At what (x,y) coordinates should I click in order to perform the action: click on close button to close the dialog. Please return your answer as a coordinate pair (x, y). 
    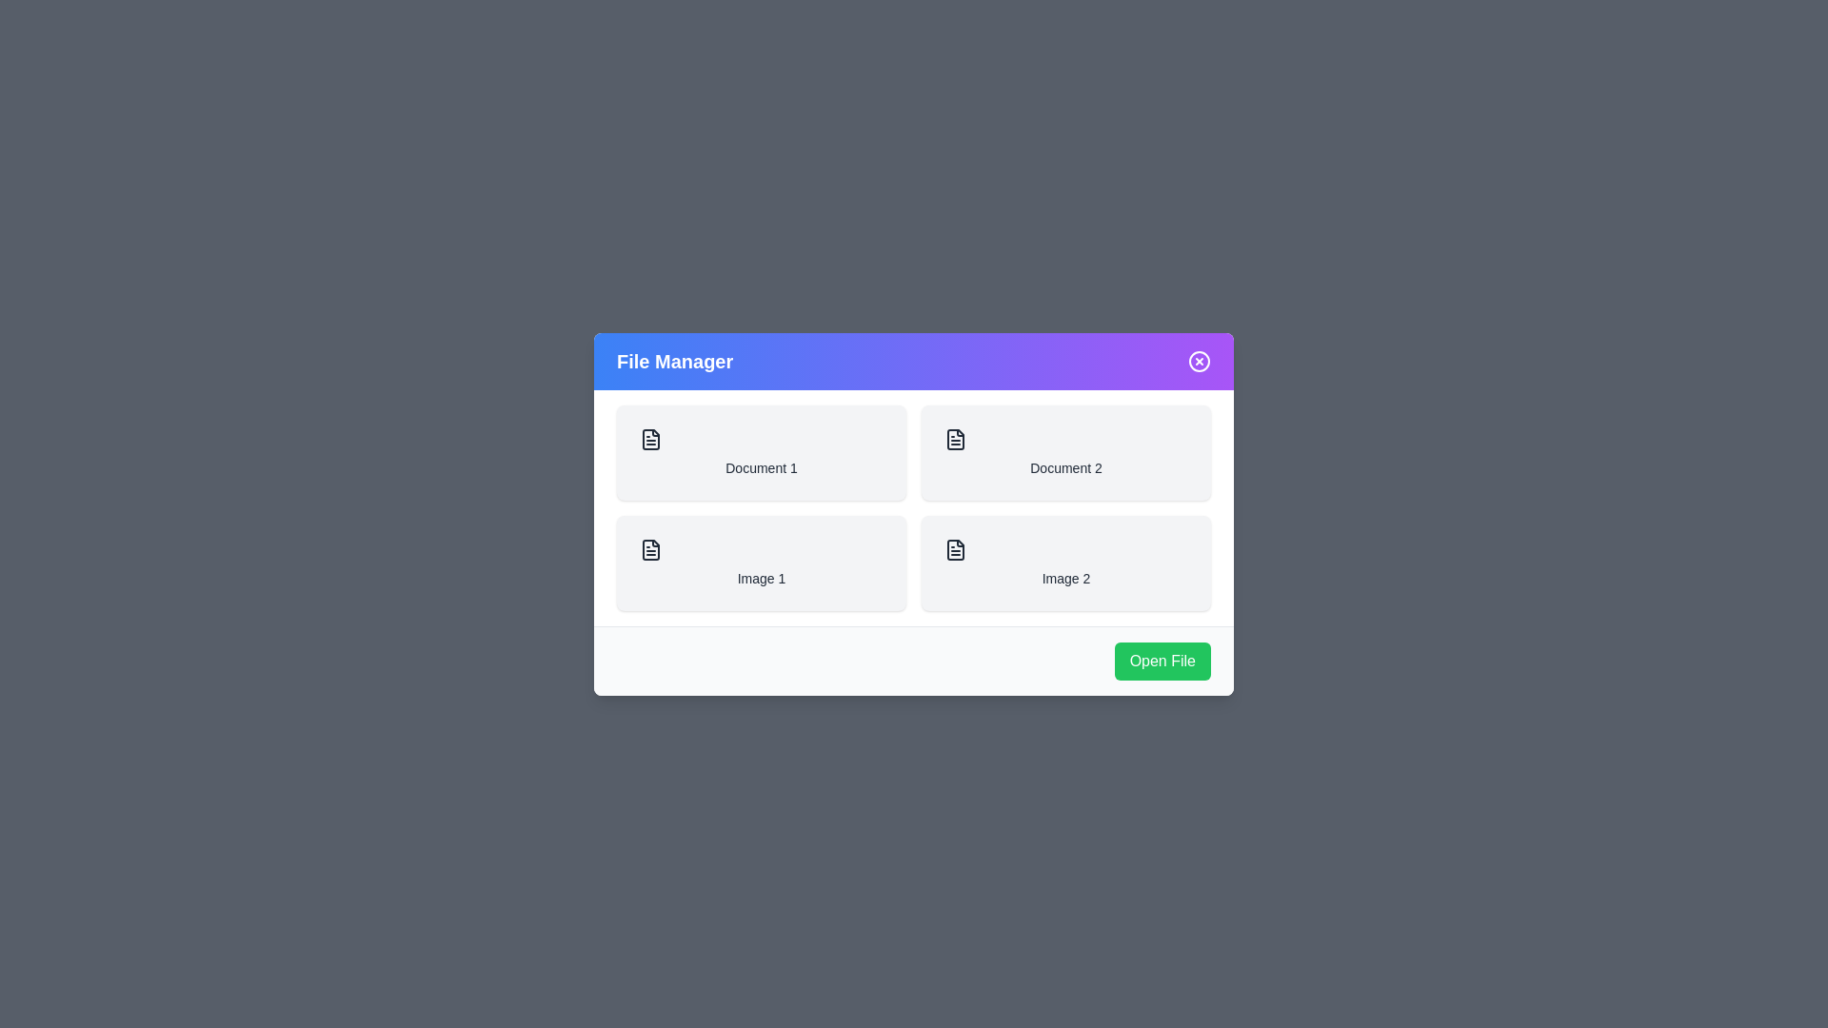
    Looking at the image, I should click on (1198, 361).